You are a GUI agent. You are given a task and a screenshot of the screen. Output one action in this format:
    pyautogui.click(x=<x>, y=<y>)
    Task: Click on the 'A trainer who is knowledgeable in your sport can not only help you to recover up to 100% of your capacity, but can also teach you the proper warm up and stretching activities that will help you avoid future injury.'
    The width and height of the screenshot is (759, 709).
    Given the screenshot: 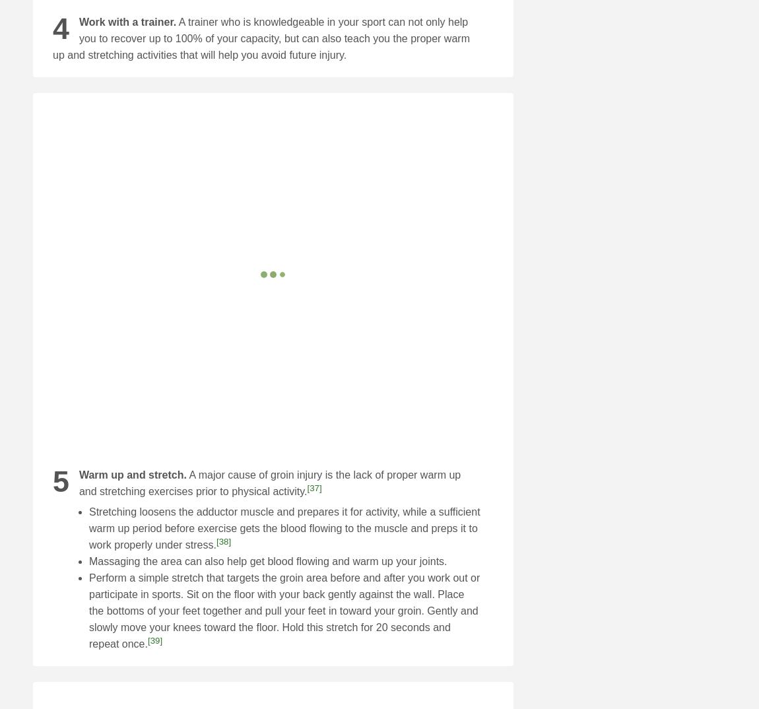 What is the action you would take?
    pyautogui.click(x=261, y=38)
    